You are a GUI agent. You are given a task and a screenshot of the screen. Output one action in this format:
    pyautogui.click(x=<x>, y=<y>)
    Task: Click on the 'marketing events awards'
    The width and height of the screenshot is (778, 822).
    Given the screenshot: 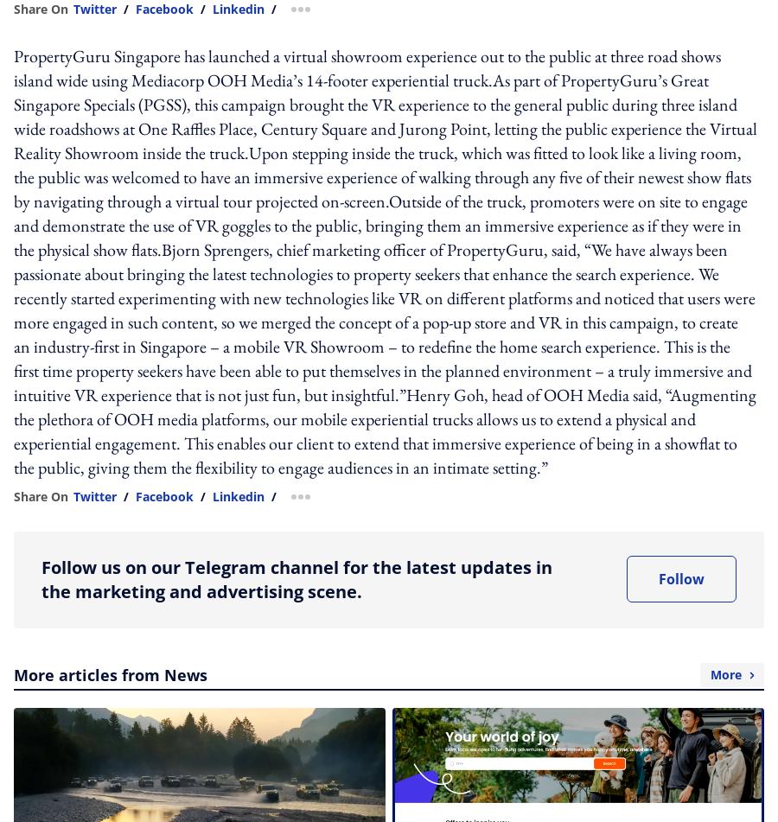 What is the action you would take?
    pyautogui.click(x=352, y=111)
    